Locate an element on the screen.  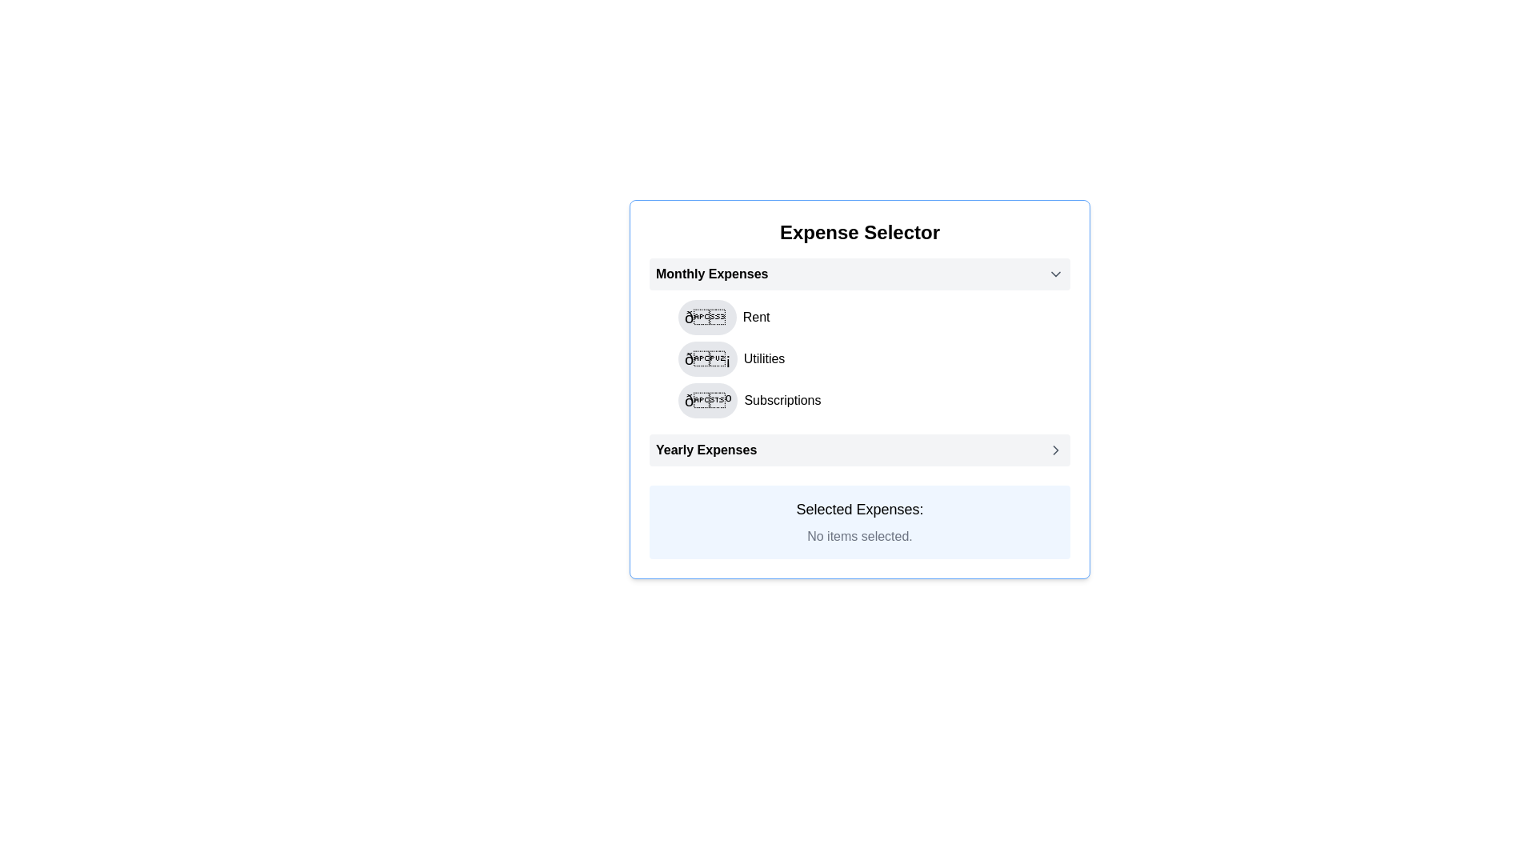
the 'Utilities' text label, which is the second textual label under the 'Monthly Expenses' section is located at coordinates (763, 358).